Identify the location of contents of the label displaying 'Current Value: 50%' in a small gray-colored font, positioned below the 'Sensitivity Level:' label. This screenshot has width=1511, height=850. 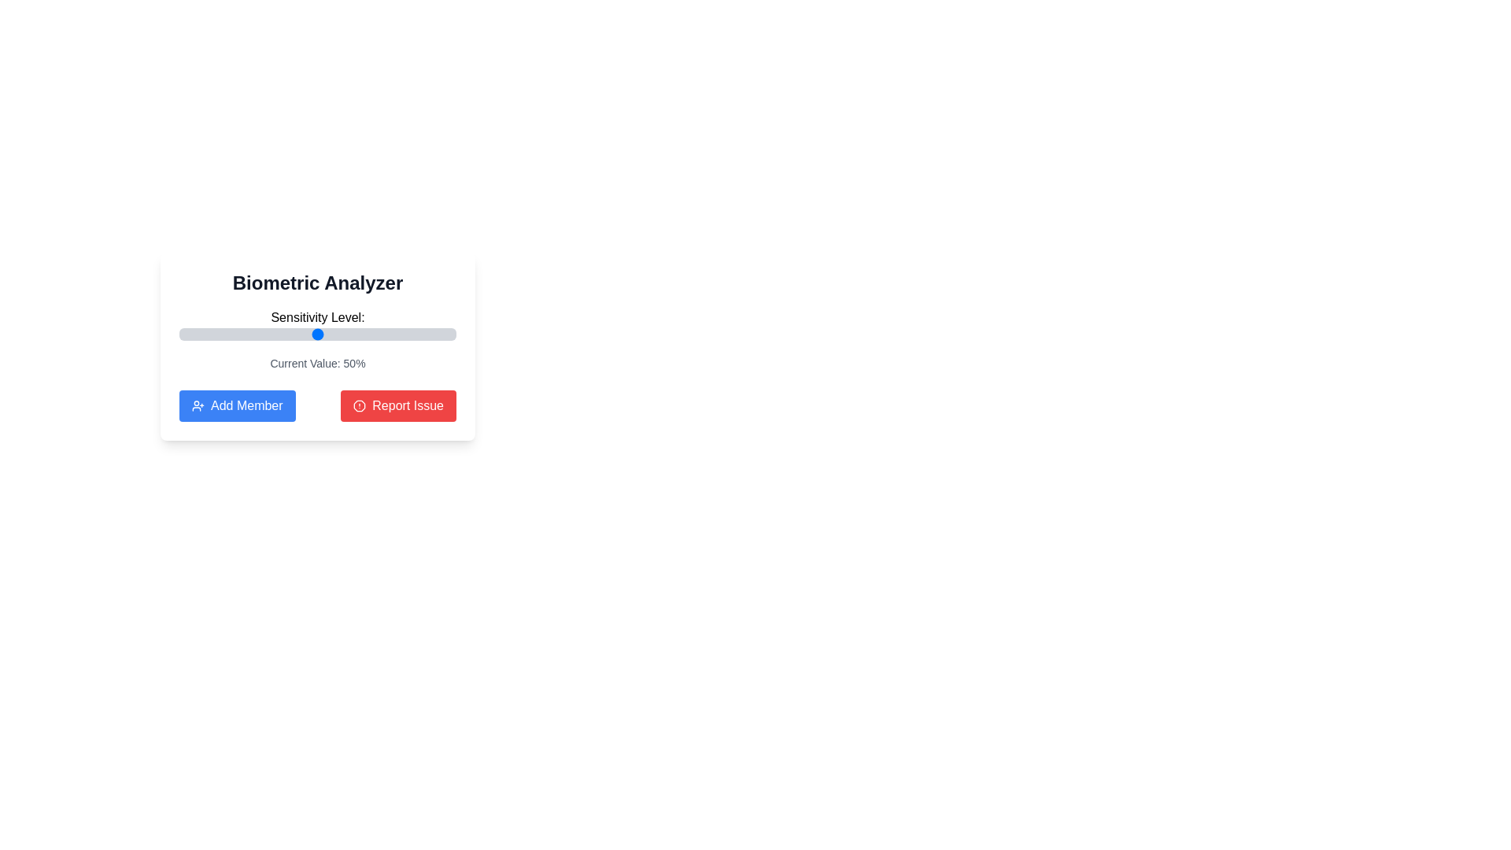
(316, 364).